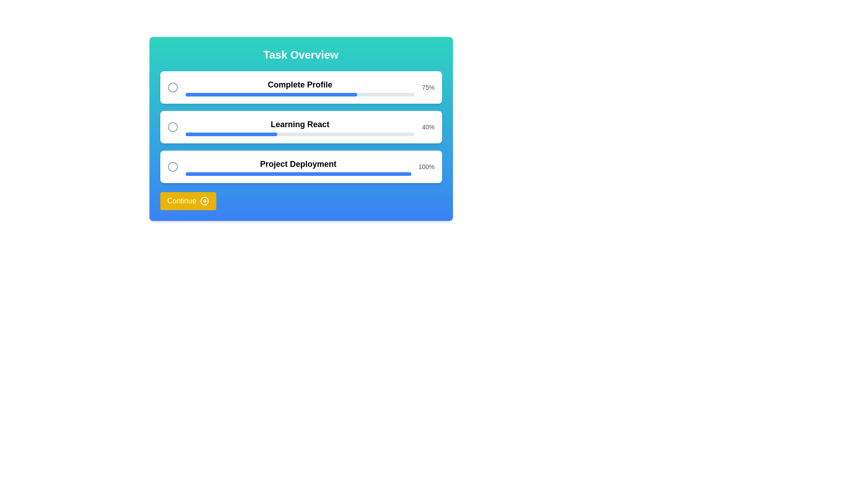 This screenshot has height=487, width=867. I want to click on the 'Continue' button with a yellow background and white text located in the bottom section of a task overview card, so click(187, 201).